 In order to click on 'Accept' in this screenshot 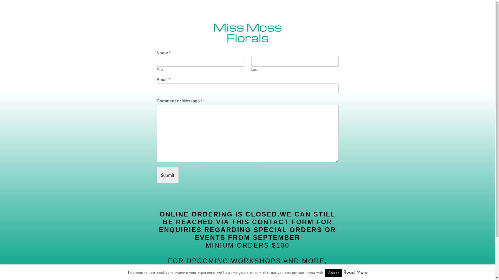, I will do `click(333, 272)`.